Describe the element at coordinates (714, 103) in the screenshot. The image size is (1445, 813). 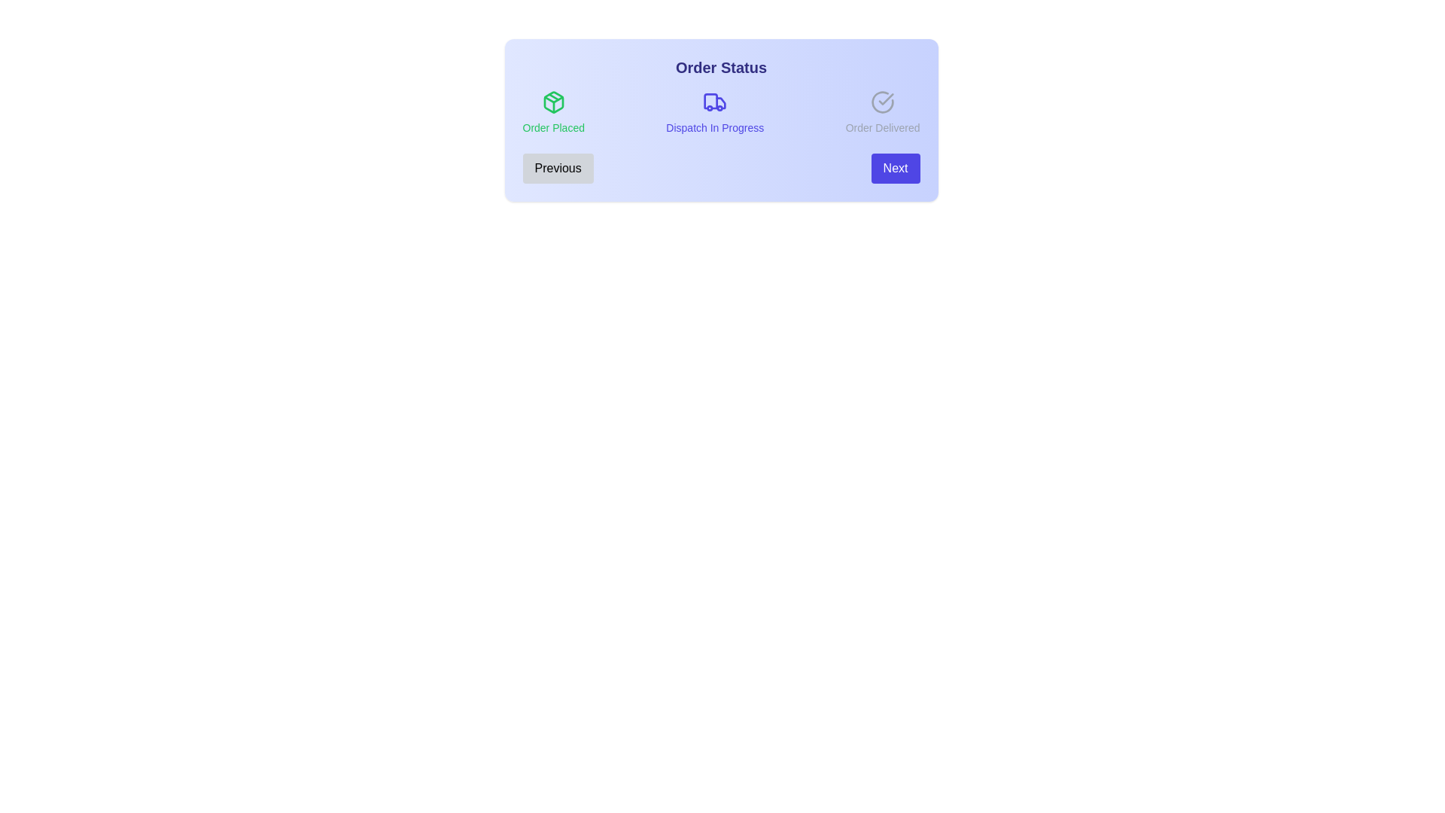
I see `the state of the Progress Indicator, which is a horizontal line that changes color based on step progression, located below the truck icon and above the 'Dispatch In Progress' text` at that location.